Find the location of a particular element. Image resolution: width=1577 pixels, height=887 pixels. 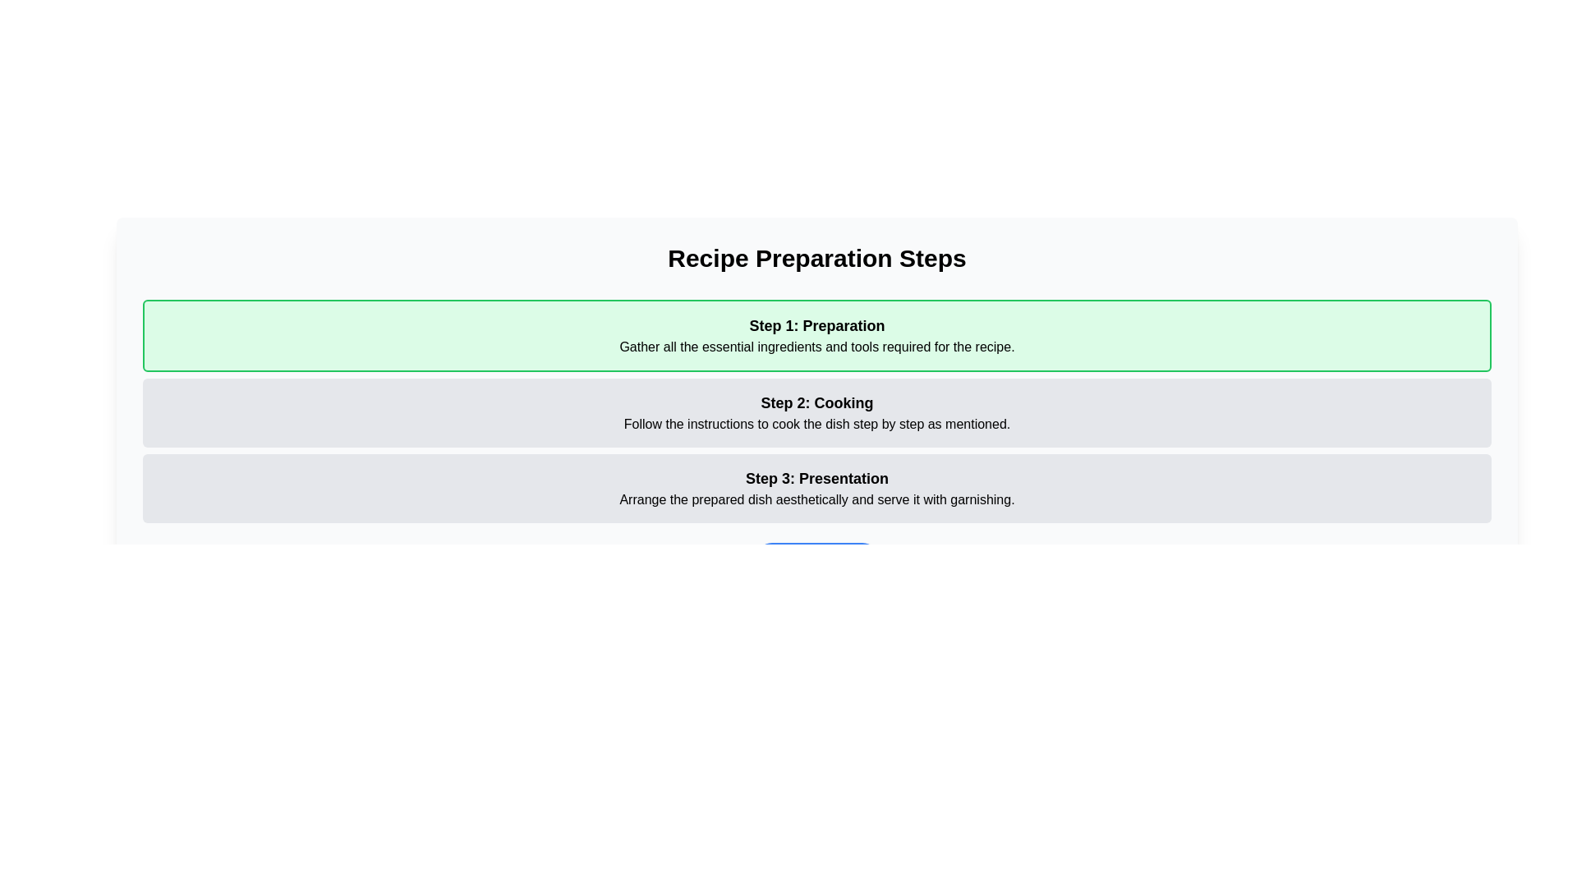

header text that says 'Step 1: Preparation,' which is styled with a larger, bold font against a light green background is located at coordinates (816, 326).